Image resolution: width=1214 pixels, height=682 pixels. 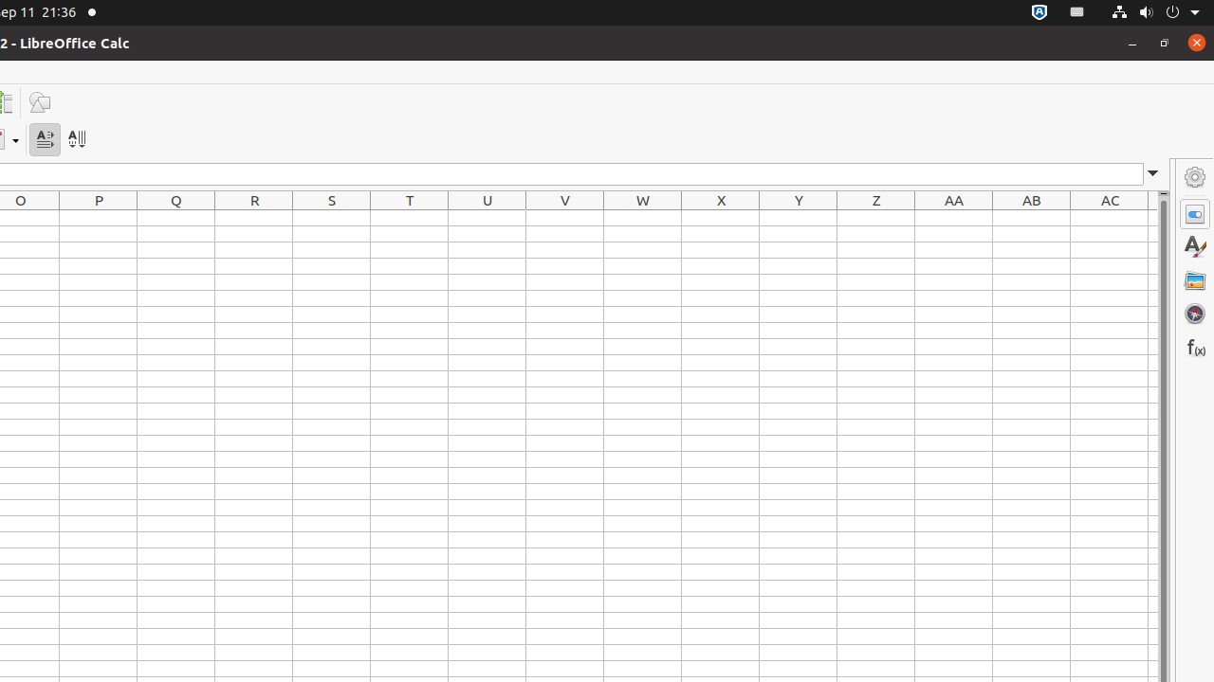 I want to click on 'AB1', so click(x=1031, y=217).